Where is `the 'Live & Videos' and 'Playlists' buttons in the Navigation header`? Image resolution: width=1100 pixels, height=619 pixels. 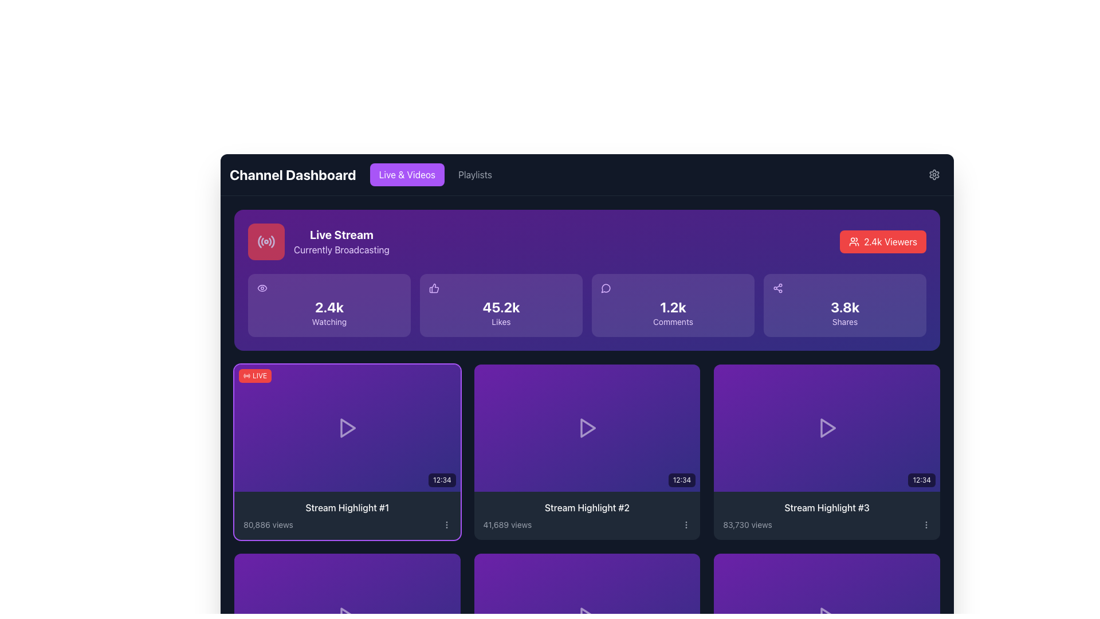 the 'Live & Videos' and 'Playlists' buttons in the Navigation header is located at coordinates (365, 174).